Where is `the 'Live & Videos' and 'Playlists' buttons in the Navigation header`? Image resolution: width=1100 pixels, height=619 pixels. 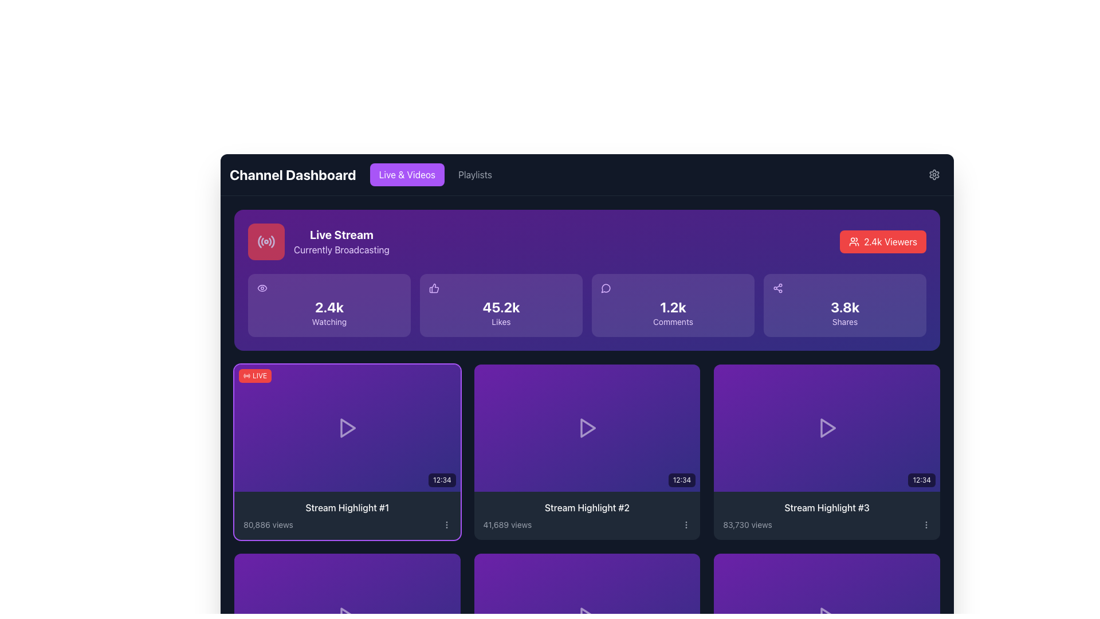 the 'Live & Videos' and 'Playlists' buttons in the Navigation header is located at coordinates (365, 174).